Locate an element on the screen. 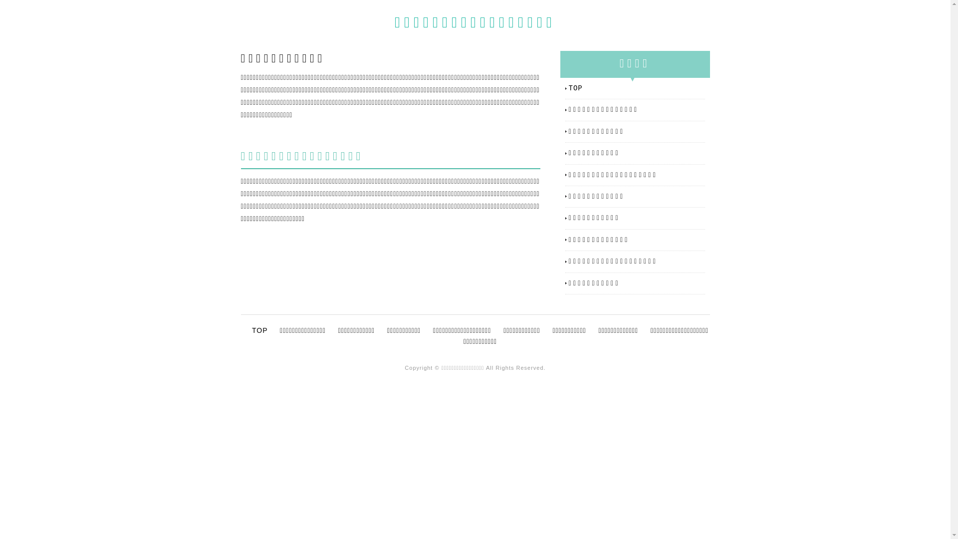  'TOP' is located at coordinates (259, 330).